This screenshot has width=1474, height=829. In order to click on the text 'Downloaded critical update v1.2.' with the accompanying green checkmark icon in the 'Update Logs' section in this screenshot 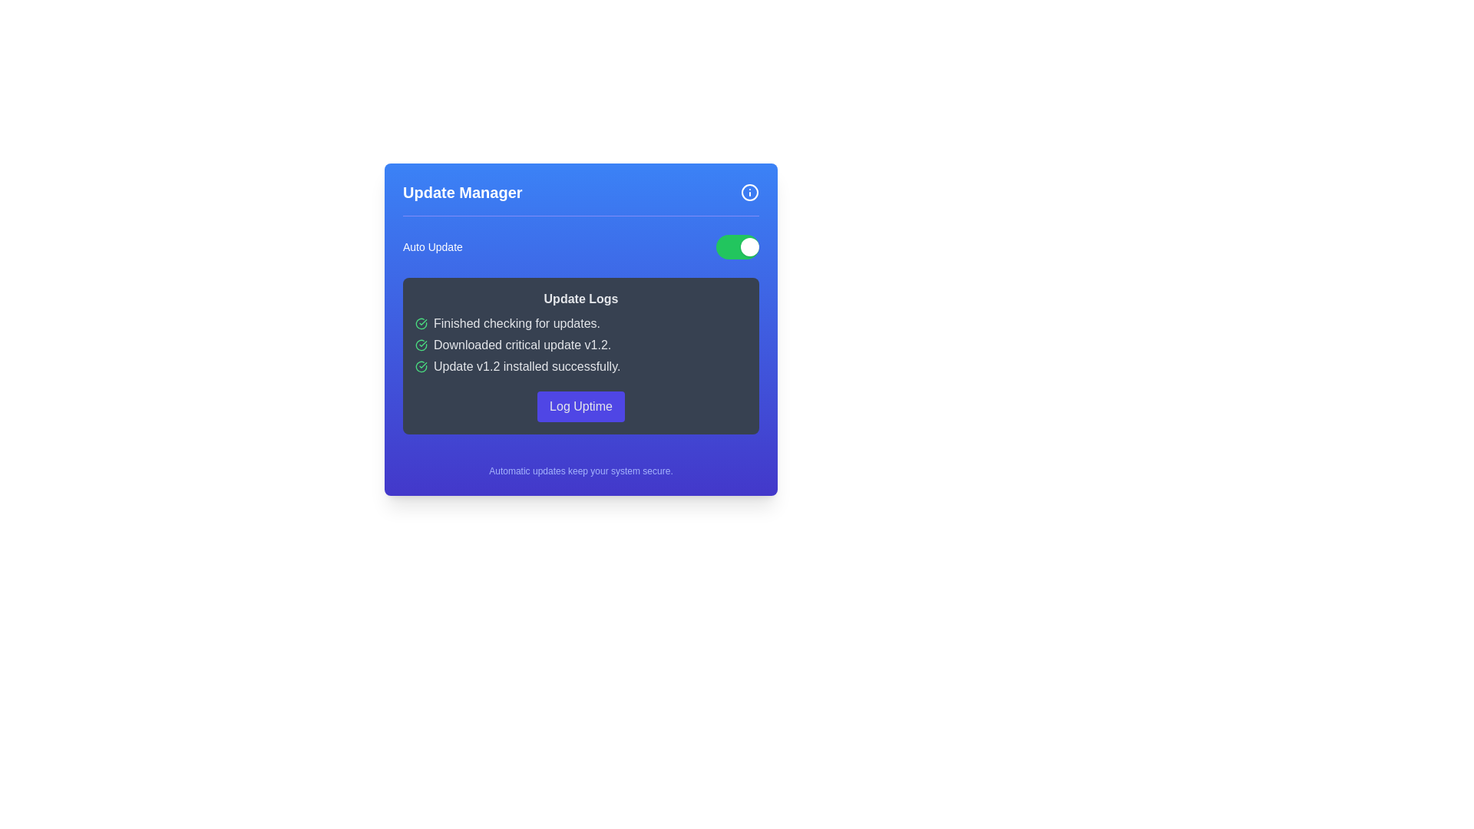, I will do `click(580, 345)`.